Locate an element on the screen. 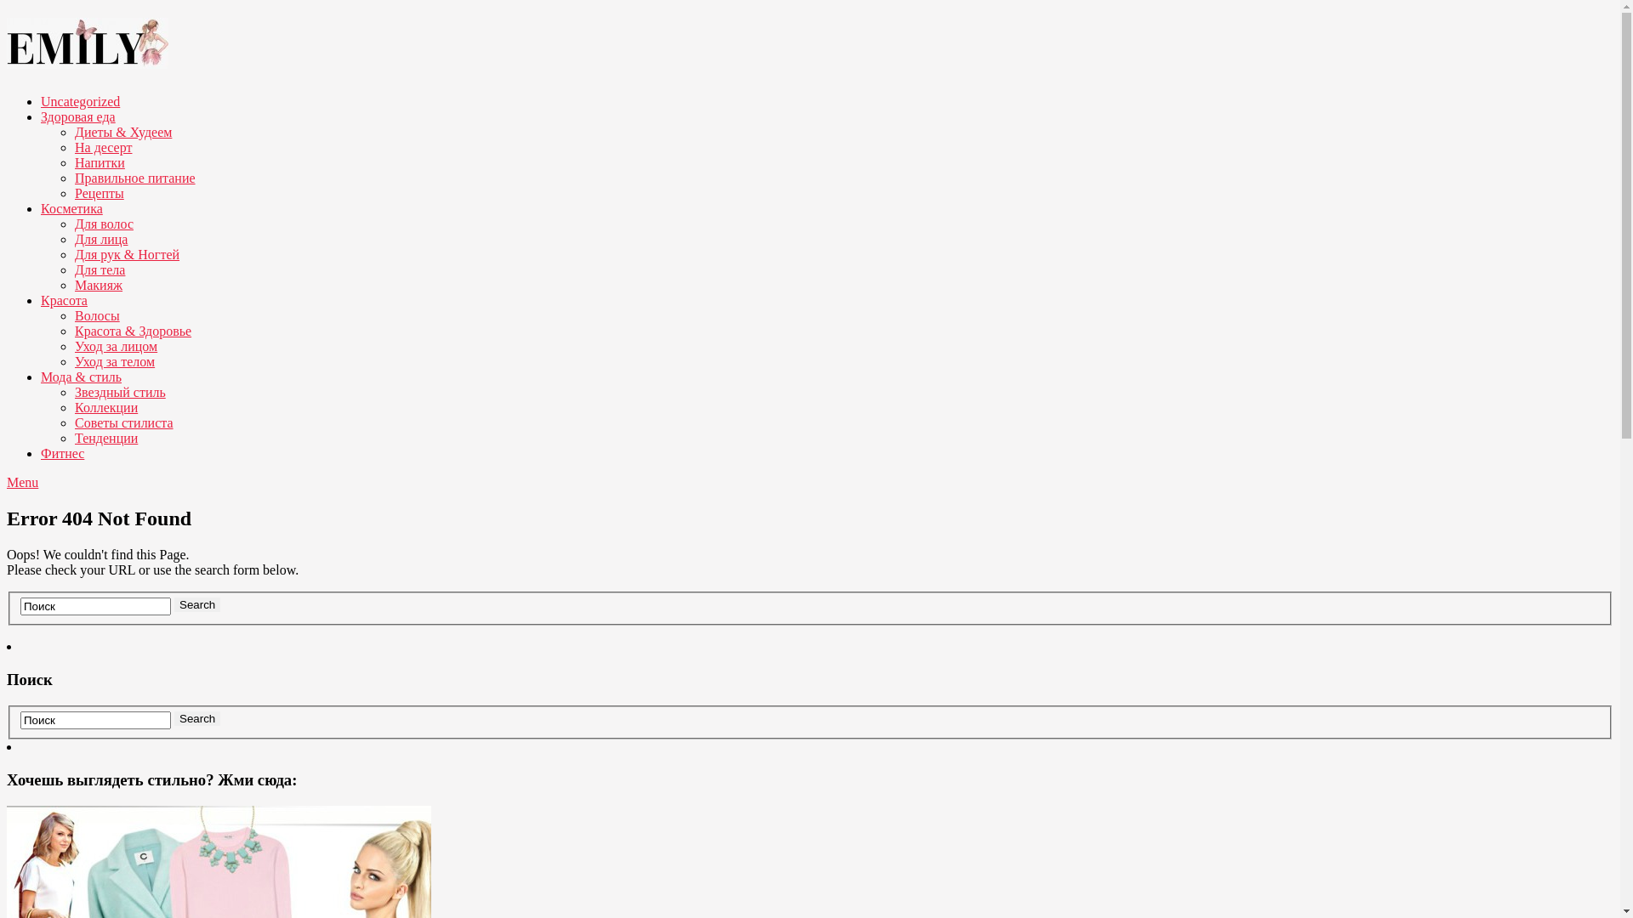  'Uncategorized' is located at coordinates (79, 101).